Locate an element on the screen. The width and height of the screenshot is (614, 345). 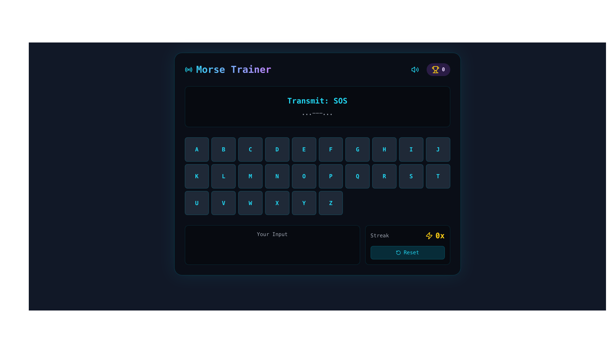
the icon representing Morse code or transmission, located to the immediate left of the 'Morse Trainer' text label in the header region is located at coordinates (188, 70).